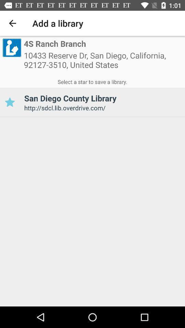 Image resolution: width=185 pixels, height=328 pixels. What do you see at coordinates (54, 44) in the screenshot?
I see `4s ranch branch icon` at bounding box center [54, 44].